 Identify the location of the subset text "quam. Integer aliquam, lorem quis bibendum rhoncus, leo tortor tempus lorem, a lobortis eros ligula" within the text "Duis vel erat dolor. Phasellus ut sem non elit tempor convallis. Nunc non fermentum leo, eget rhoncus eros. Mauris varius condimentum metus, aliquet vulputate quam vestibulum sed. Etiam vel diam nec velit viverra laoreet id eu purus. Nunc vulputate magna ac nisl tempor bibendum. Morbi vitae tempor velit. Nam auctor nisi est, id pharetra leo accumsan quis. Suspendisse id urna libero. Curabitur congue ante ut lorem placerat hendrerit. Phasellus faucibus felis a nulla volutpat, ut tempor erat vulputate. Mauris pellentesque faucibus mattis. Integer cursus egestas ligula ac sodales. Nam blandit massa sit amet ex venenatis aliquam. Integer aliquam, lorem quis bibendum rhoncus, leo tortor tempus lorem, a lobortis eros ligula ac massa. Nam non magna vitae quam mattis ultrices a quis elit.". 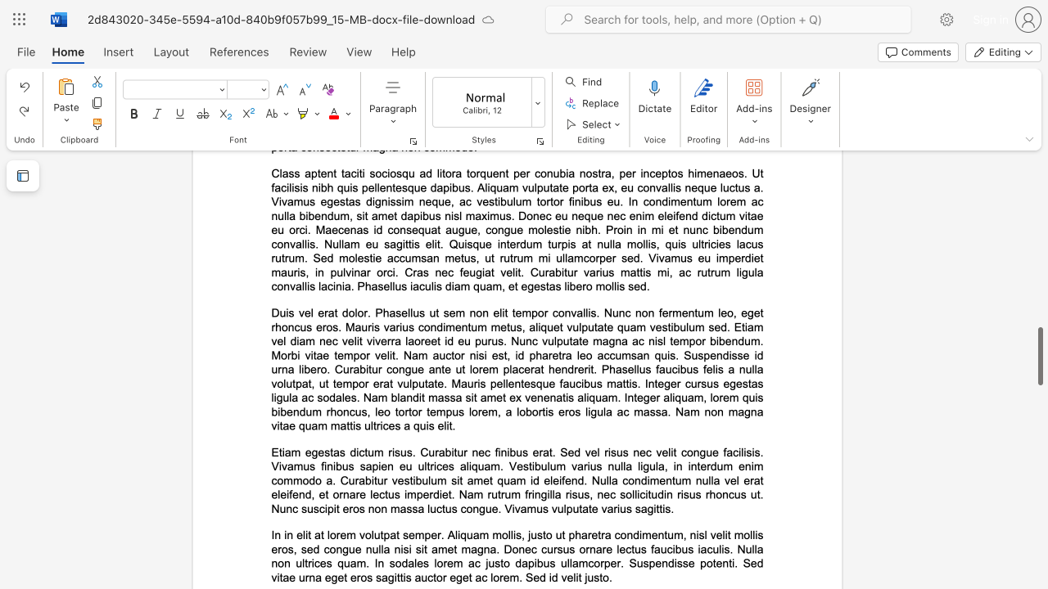
(589, 398).